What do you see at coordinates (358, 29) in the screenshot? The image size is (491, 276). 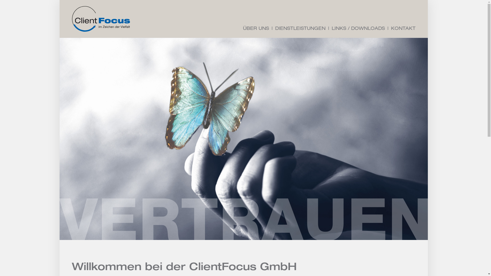 I see `'LINKS / DOWNLOADS'` at bounding box center [358, 29].